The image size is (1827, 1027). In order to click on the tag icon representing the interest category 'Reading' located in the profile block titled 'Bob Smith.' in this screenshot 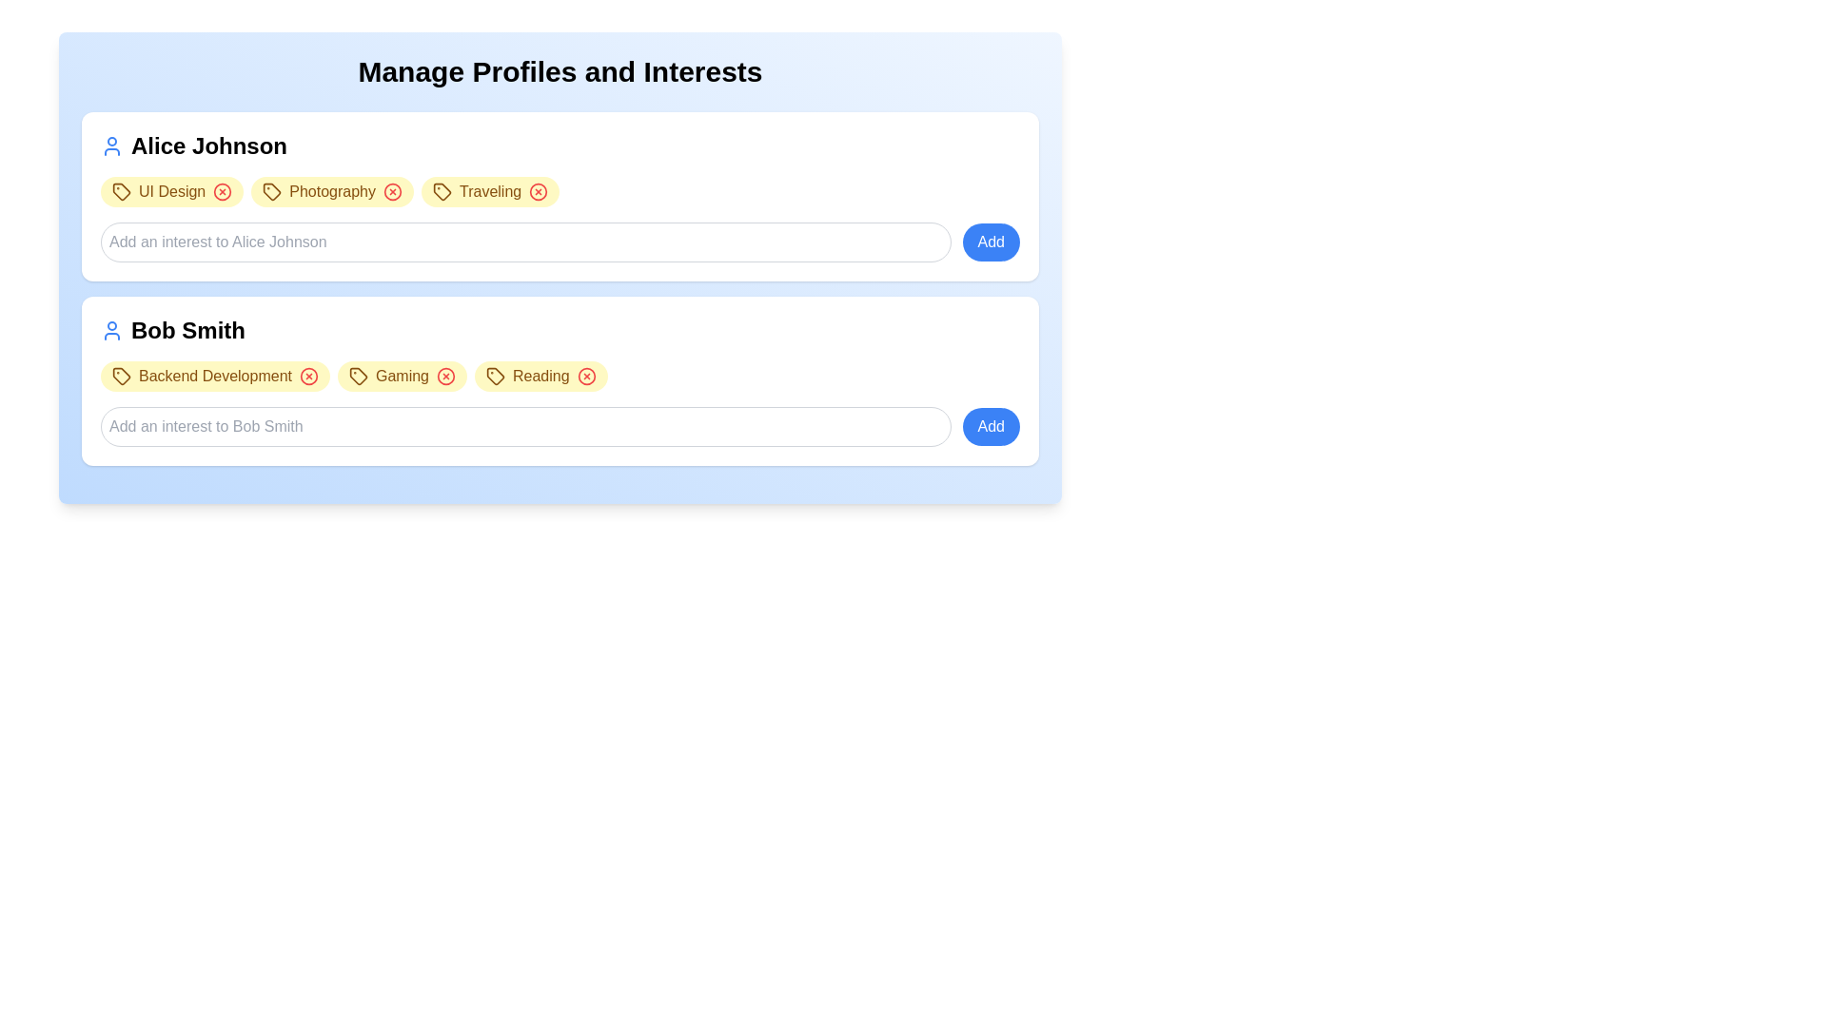, I will do `click(496, 377)`.